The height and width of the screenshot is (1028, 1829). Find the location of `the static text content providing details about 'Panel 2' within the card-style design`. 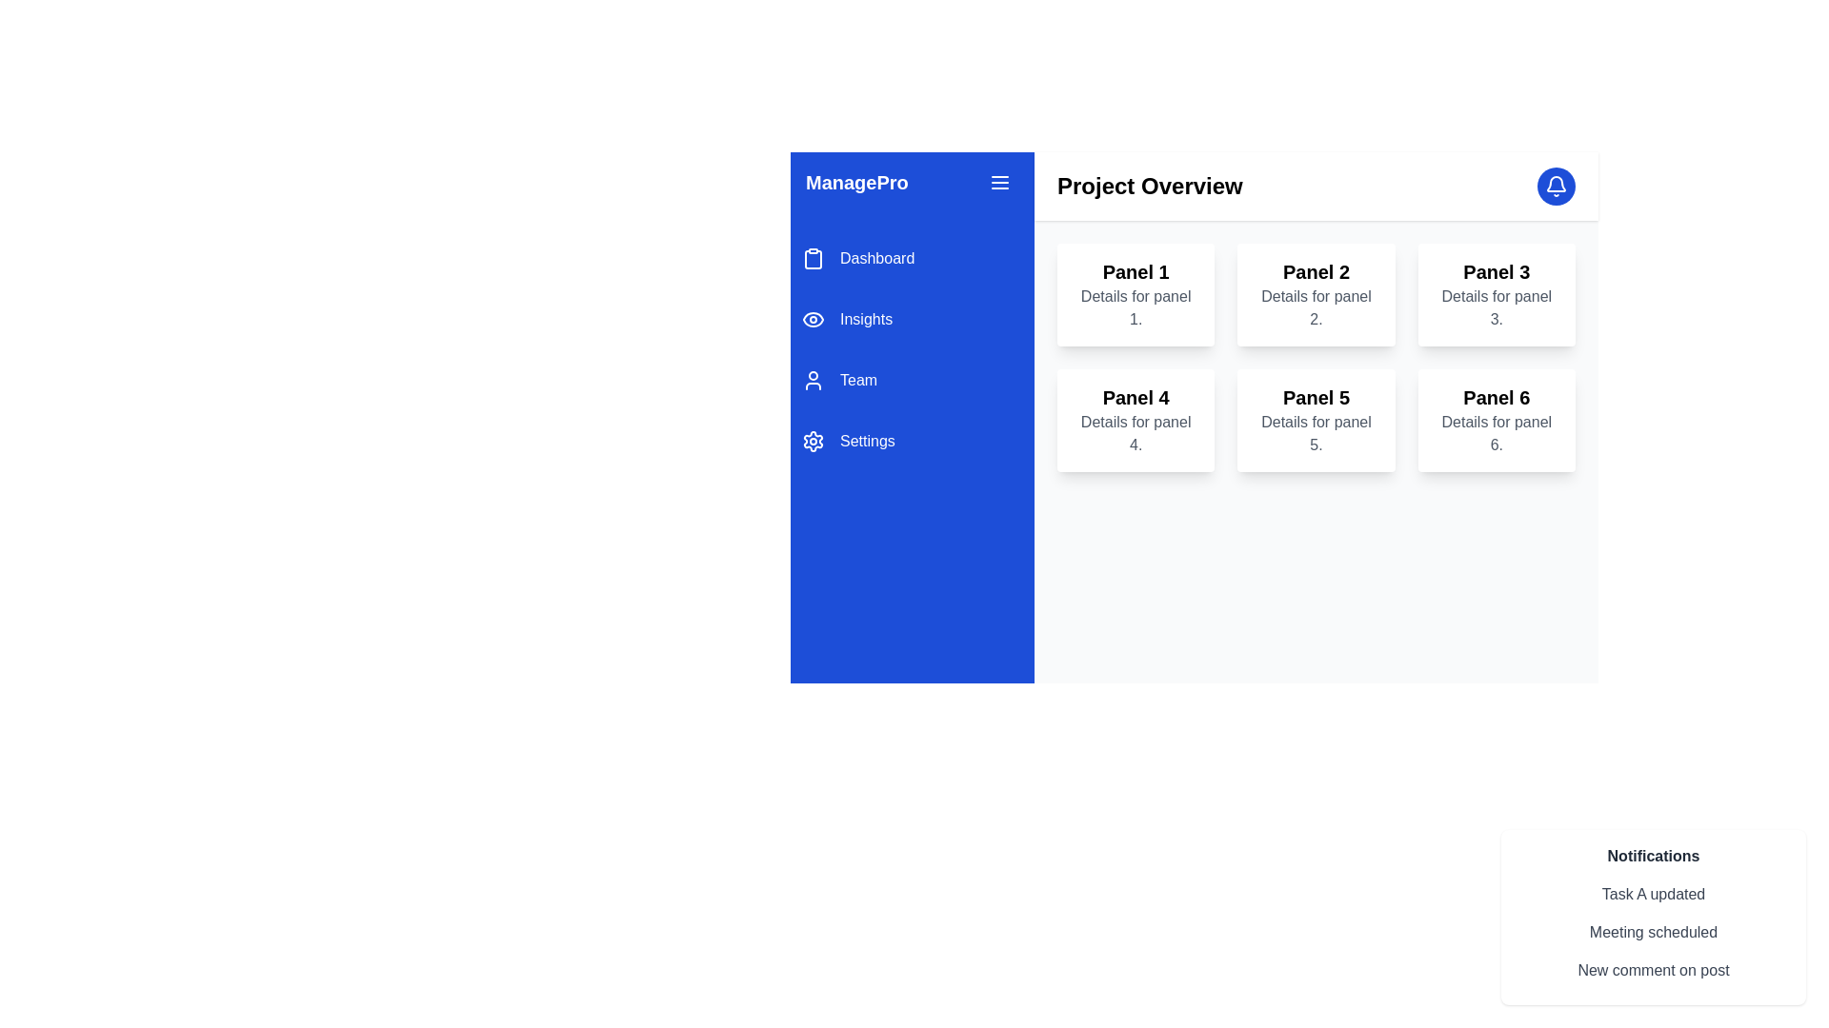

the static text content providing details about 'Panel 2' within the card-style design is located at coordinates (1316, 307).